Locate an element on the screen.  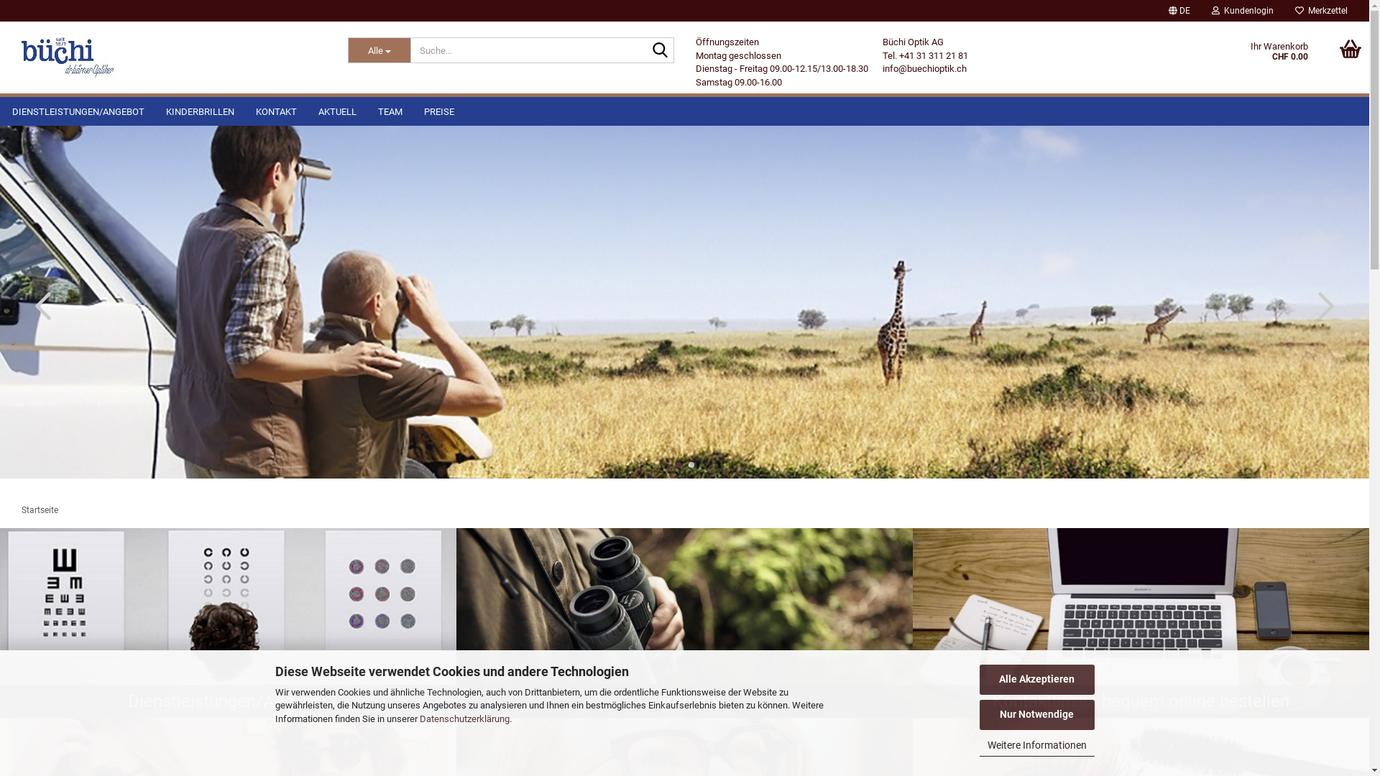
'Nur Notwendige' is located at coordinates (1036, 715).